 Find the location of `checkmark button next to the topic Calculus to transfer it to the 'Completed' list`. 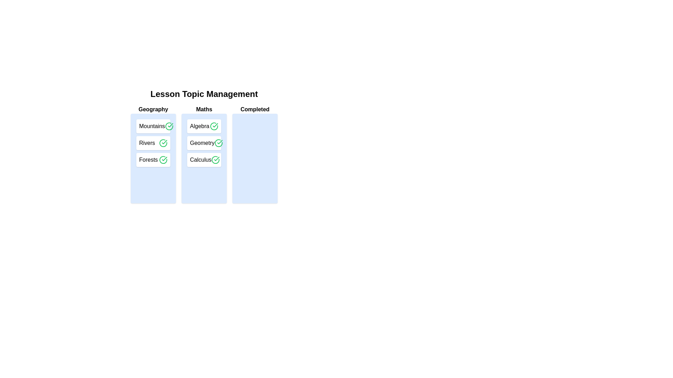

checkmark button next to the topic Calculus to transfer it to the 'Completed' list is located at coordinates (215, 160).